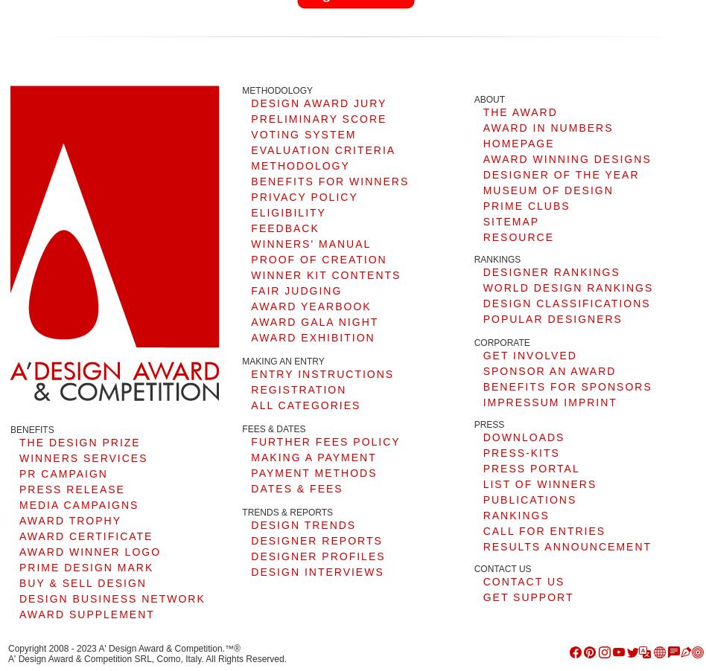 This screenshot has width=706, height=671. What do you see at coordinates (298, 388) in the screenshot?
I see `'REGISTRATION'` at bounding box center [298, 388].